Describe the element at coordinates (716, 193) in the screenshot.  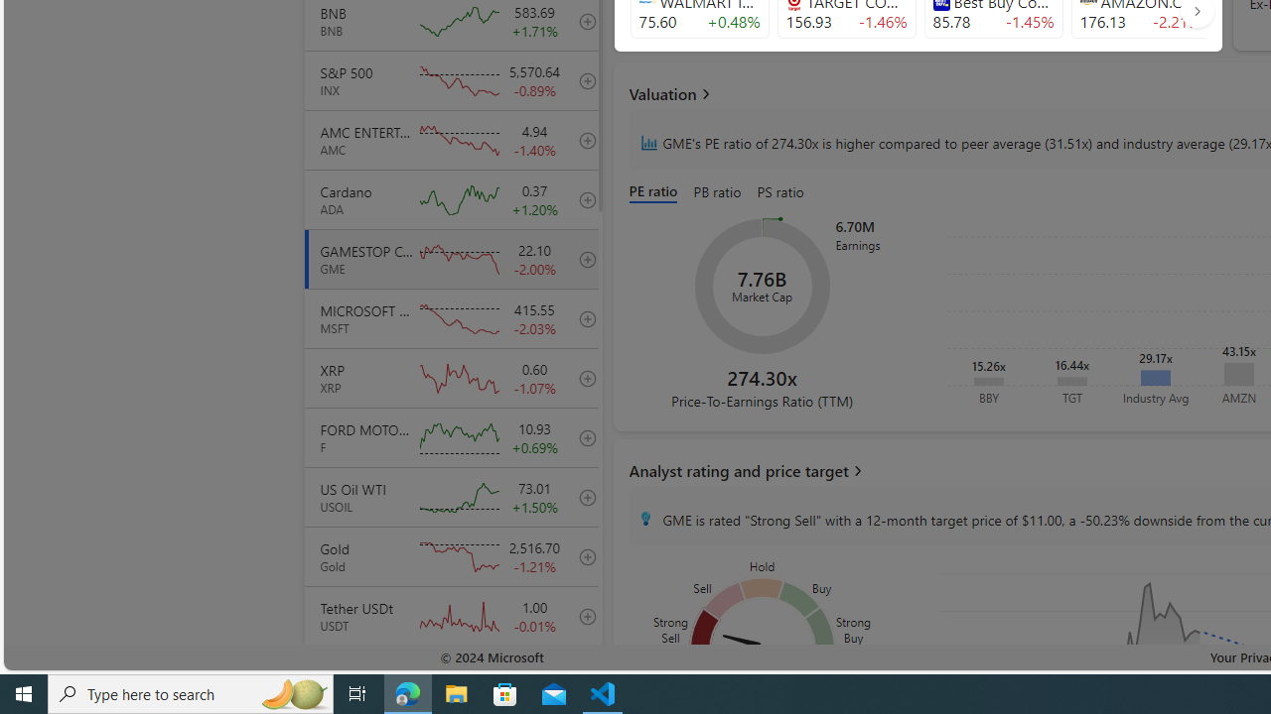
I see `'PB ratio'` at that location.